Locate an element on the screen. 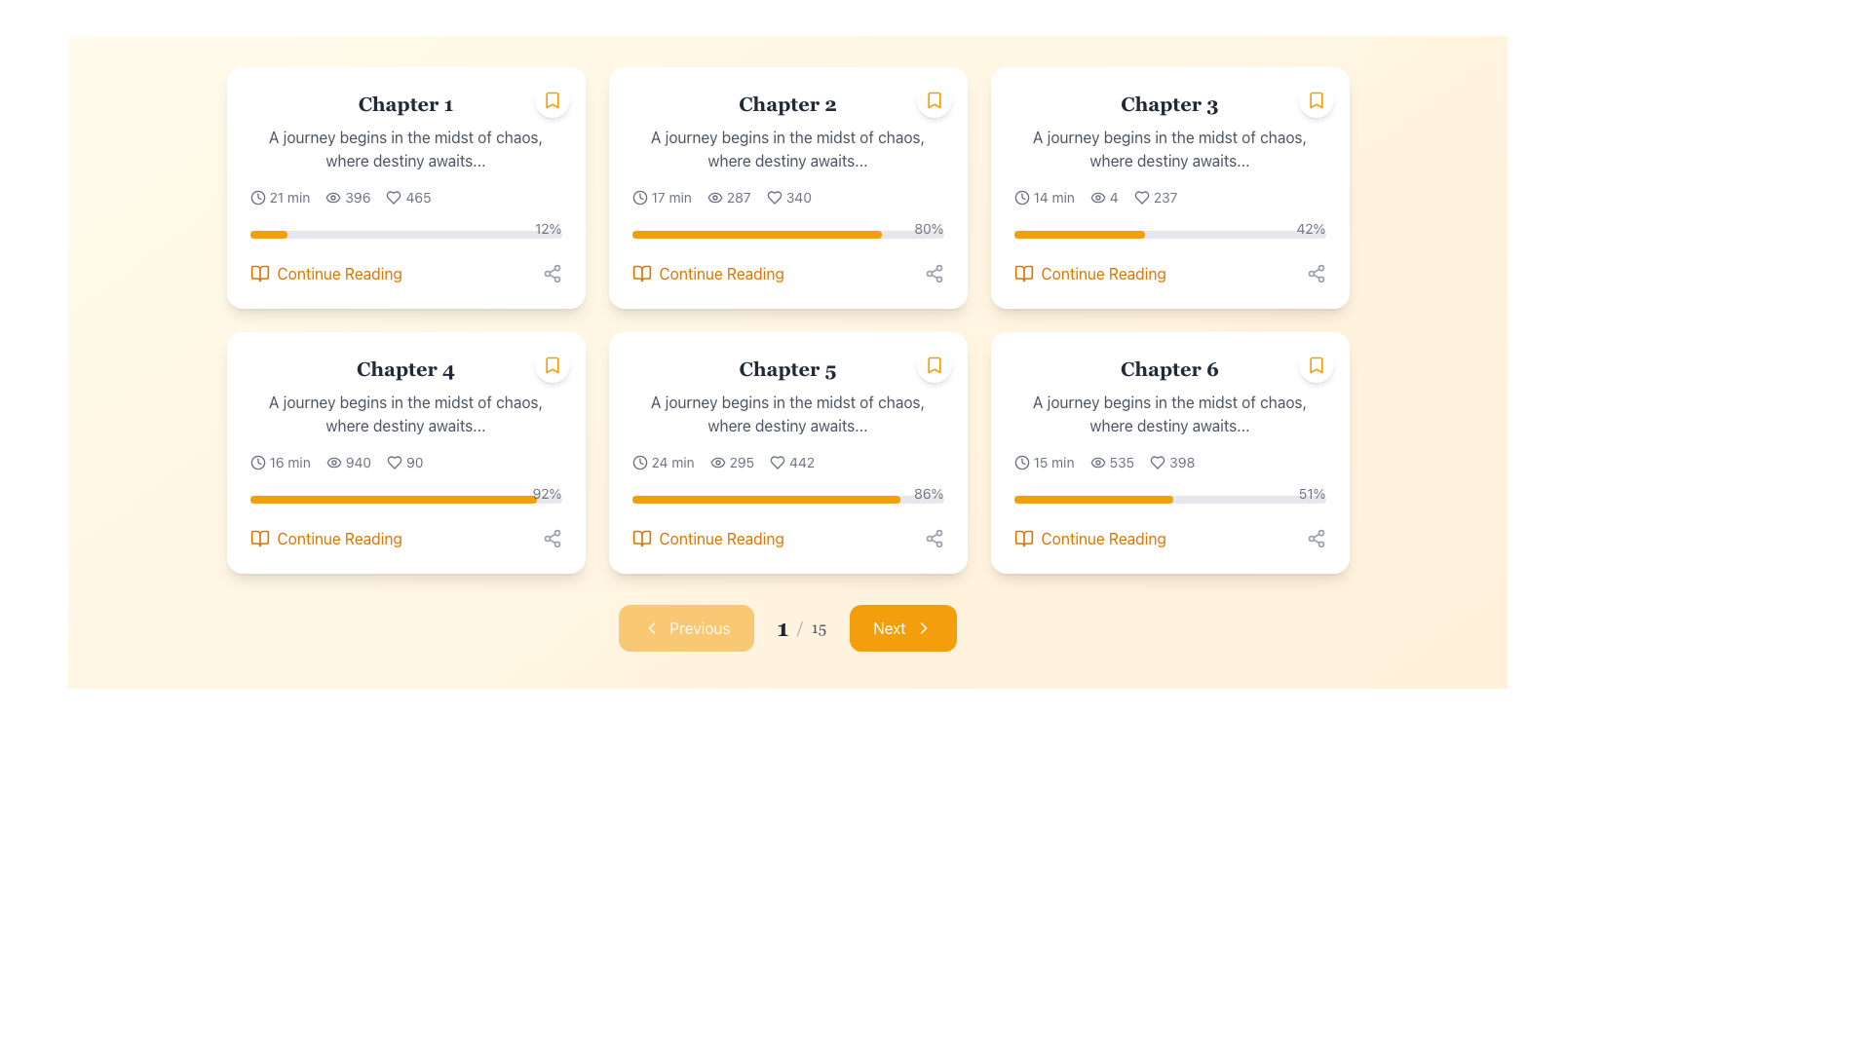  the 'Continue Reading' button, which is styled in amber with hover effects that darken the shade and is located in the bottom section of the card for Chapter 6, to change its color is located at coordinates (1088, 538).